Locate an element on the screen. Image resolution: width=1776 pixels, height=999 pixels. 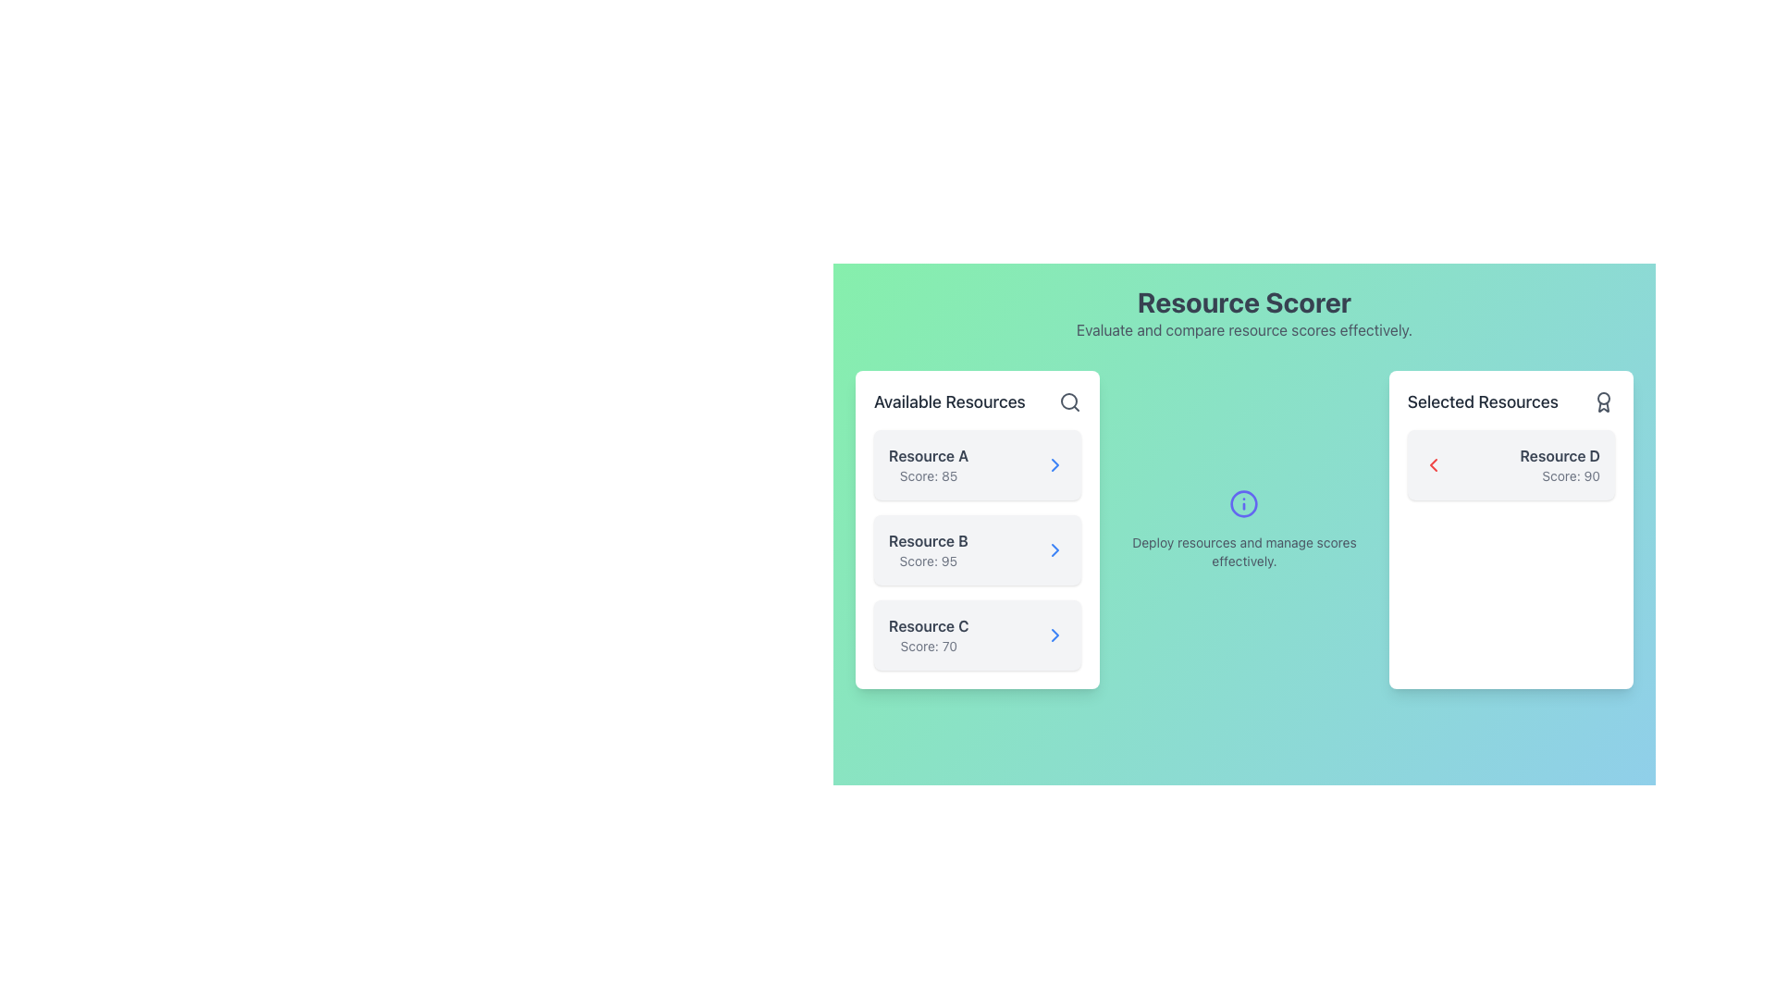
score displayed in the text label for 'Resource D', which is located below the title text in the 'Selected Resources' section is located at coordinates (1559, 475).